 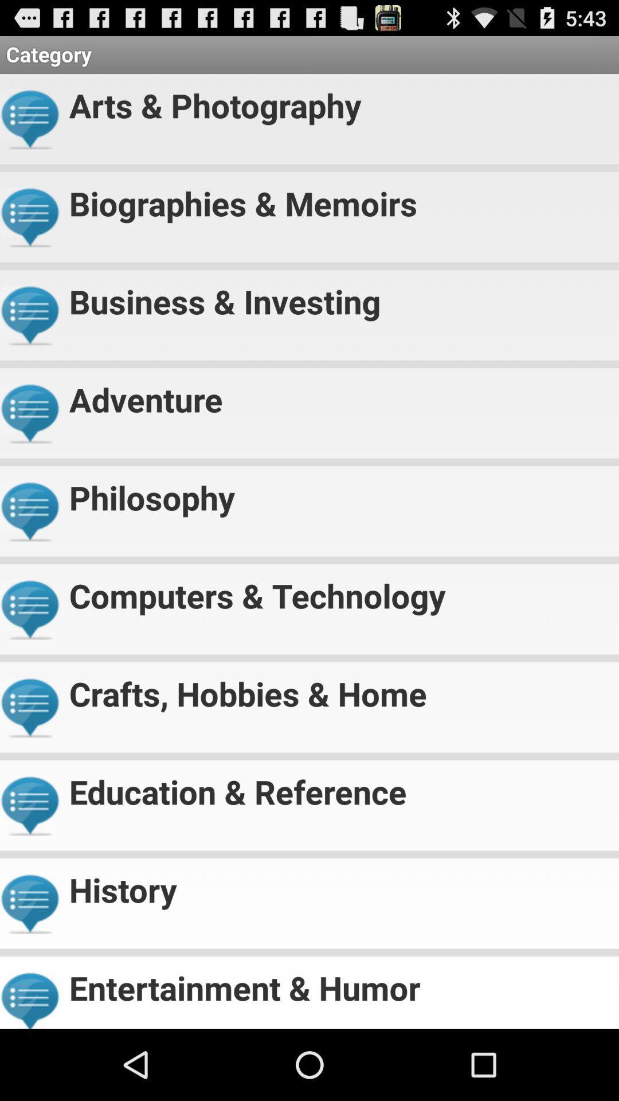 What do you see at coordinates (339, 591) in the screenshot?
I see `the computers & technology icon` at bounding box center [339, 591].